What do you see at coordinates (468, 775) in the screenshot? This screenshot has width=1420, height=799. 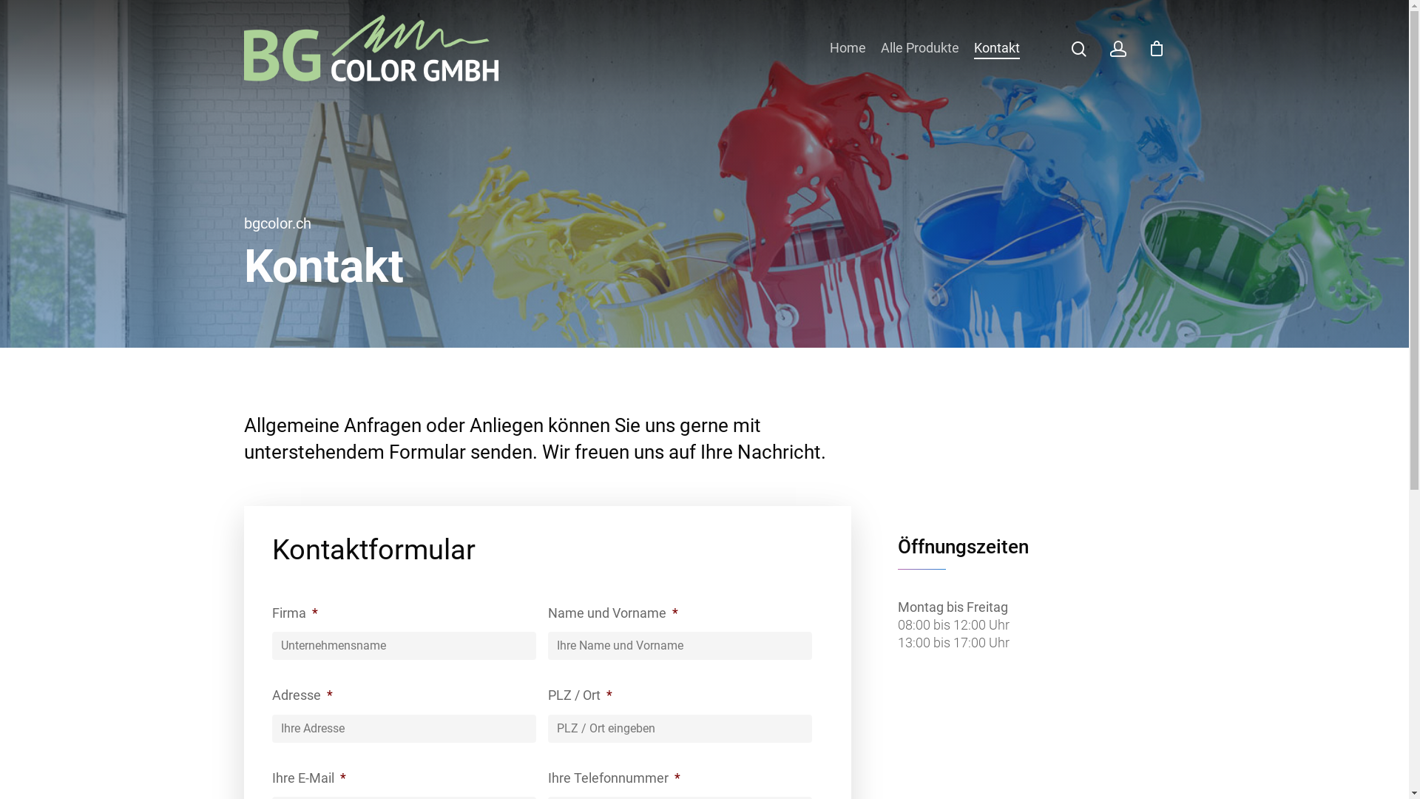 I see `'onlineshop-mieten.com'` at bounding box center [468, 775].